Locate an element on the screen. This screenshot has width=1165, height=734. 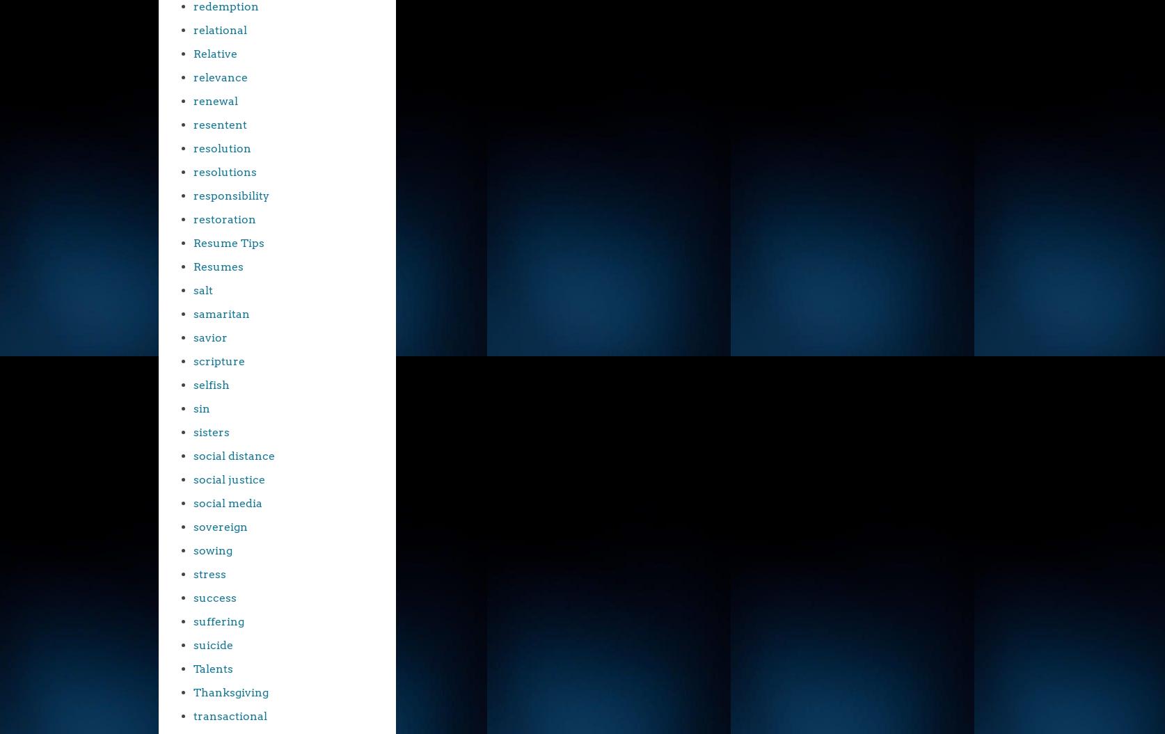
'restoration' is located at coordinates (225, 218).